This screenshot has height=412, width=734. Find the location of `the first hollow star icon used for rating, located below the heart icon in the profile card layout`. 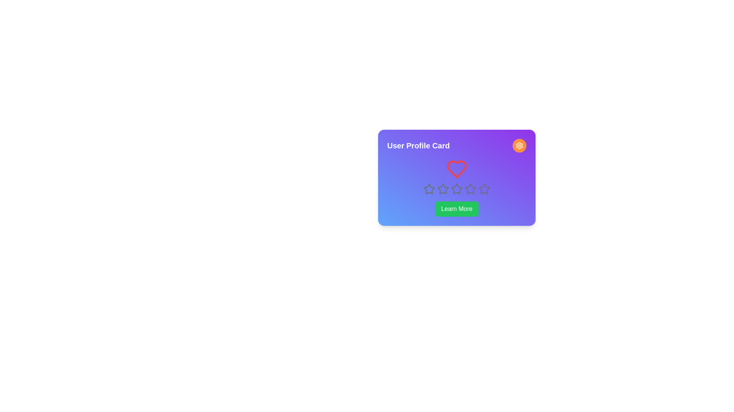

the first hollow star icon used for rating, located below the heart icon in the profile card layout is located at coordinates (429, 189).